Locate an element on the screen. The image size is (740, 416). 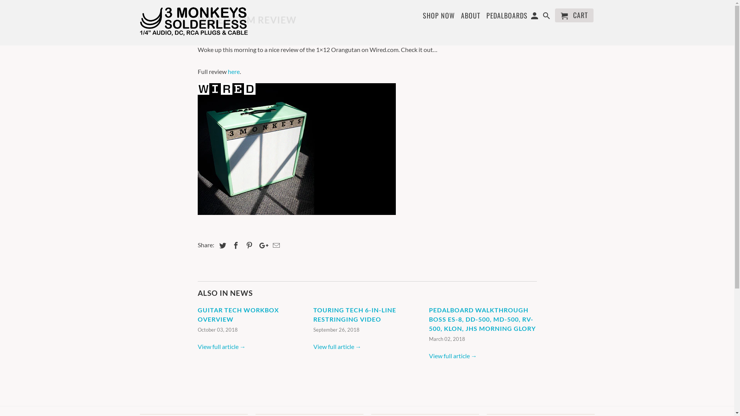
'TOURING TECH 6-IN-LINE RESTRINGING VIDEO' is located at coordinates (313, 314).